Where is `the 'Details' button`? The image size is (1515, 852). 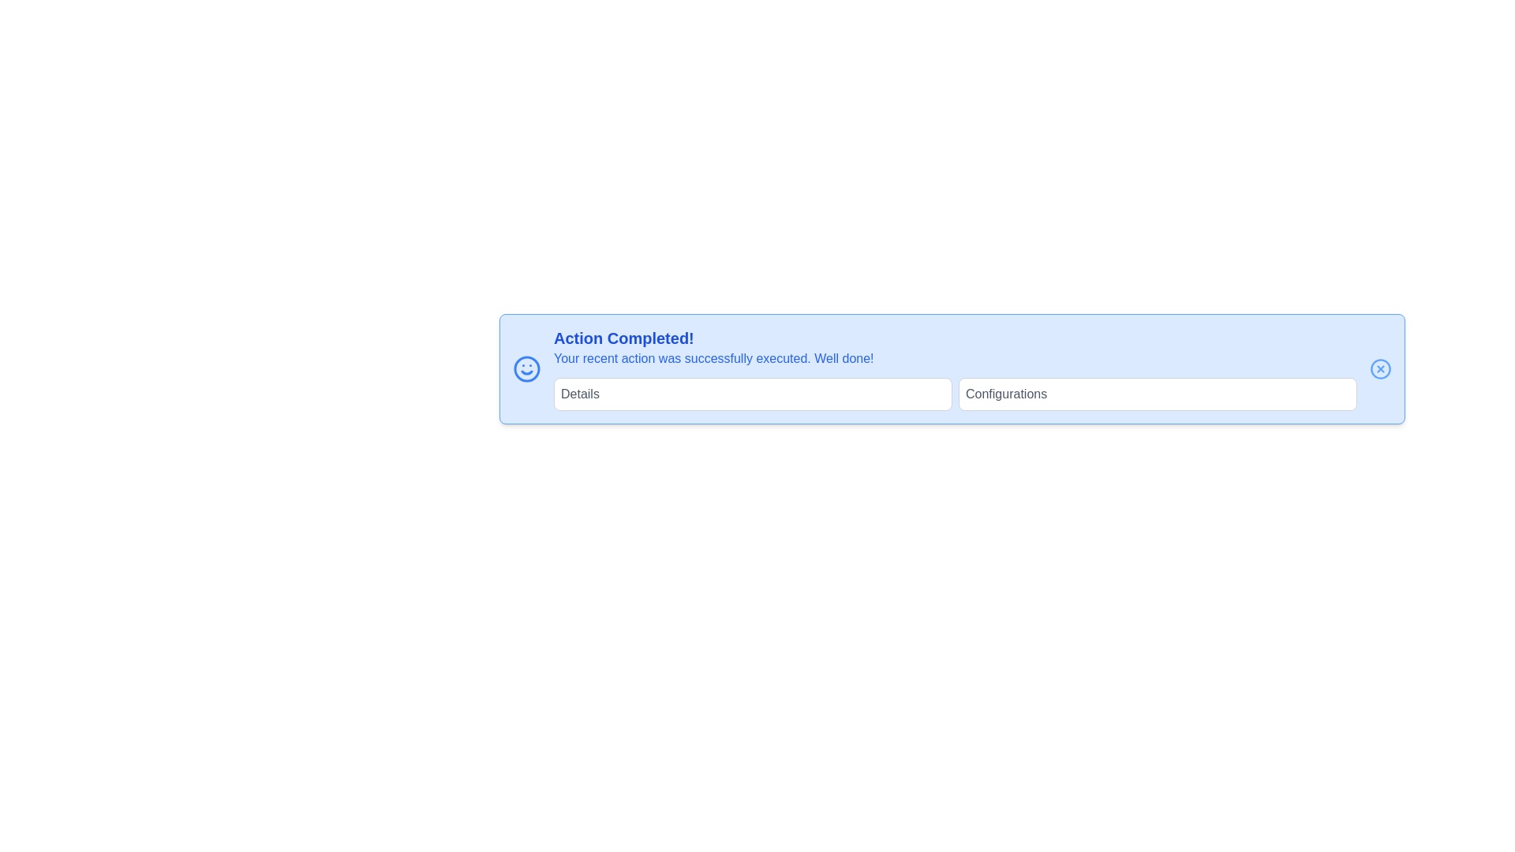 the 'Details' button is located at coordinates (752, 394).